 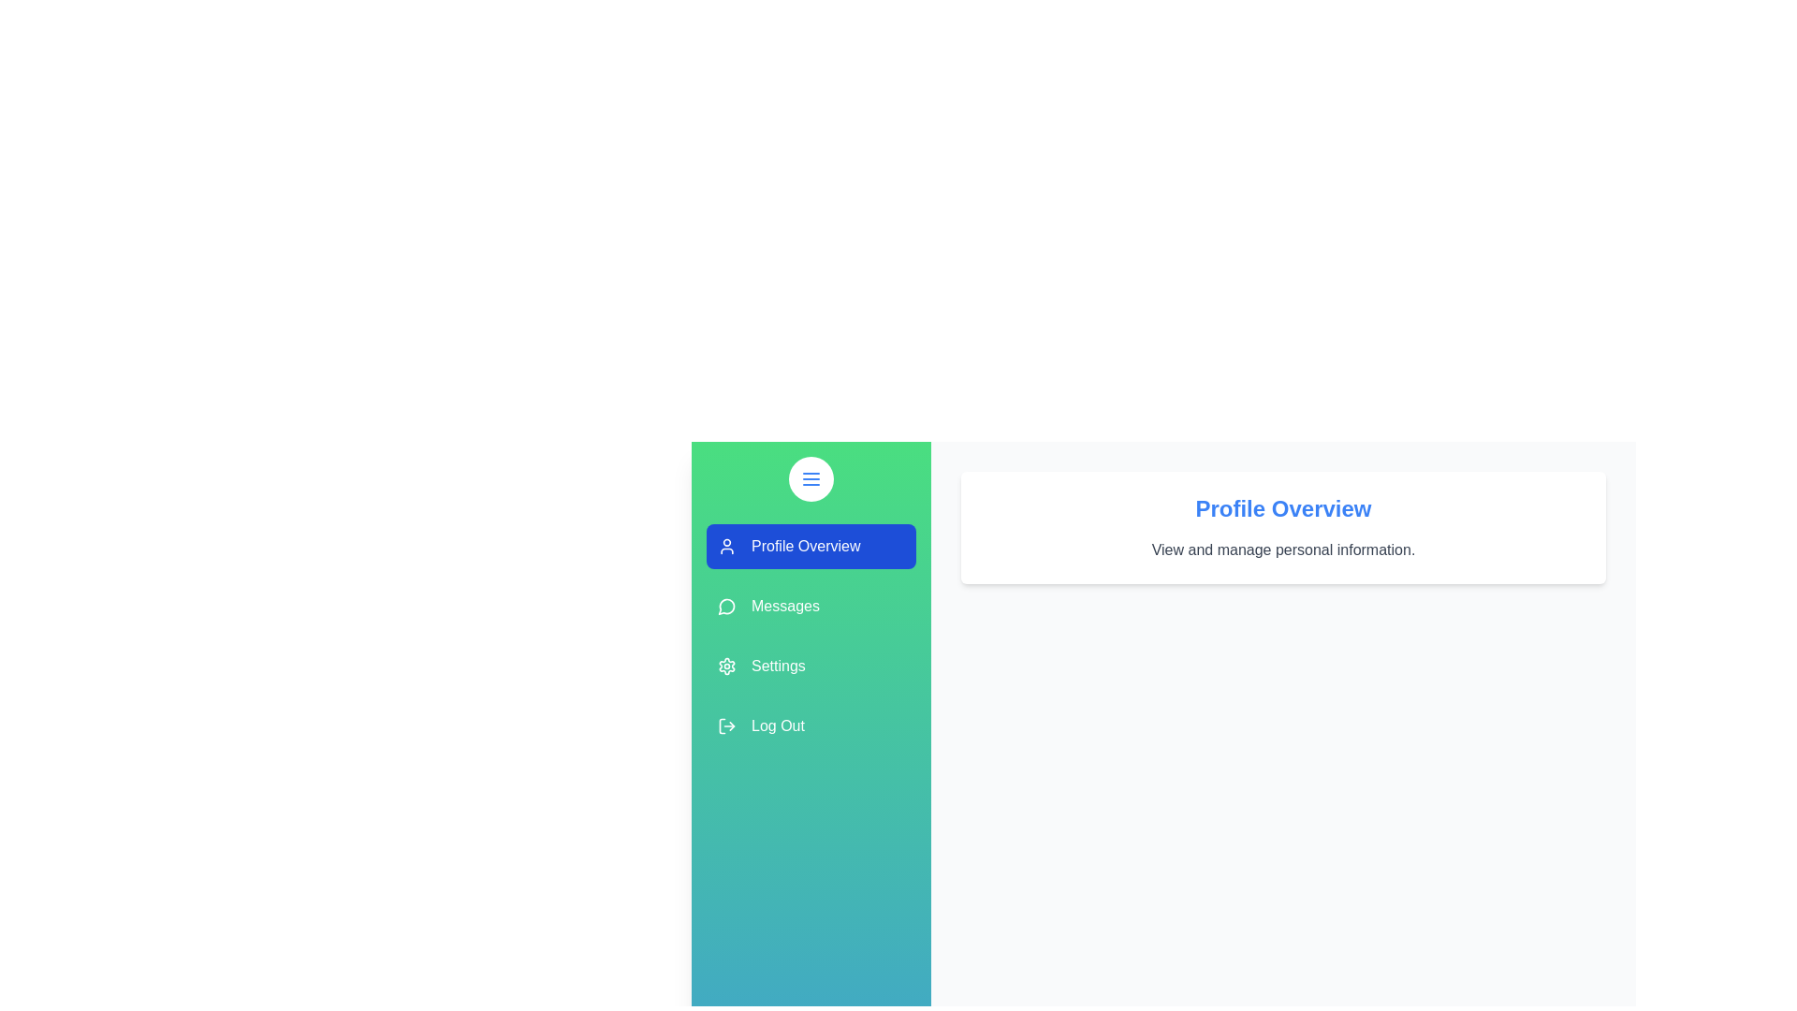 What do you see at coordinates (811, 546) in the screenshot?
I see `the menu item Profile Overview to observe its visual feedback` at bounding box center [811, 546].